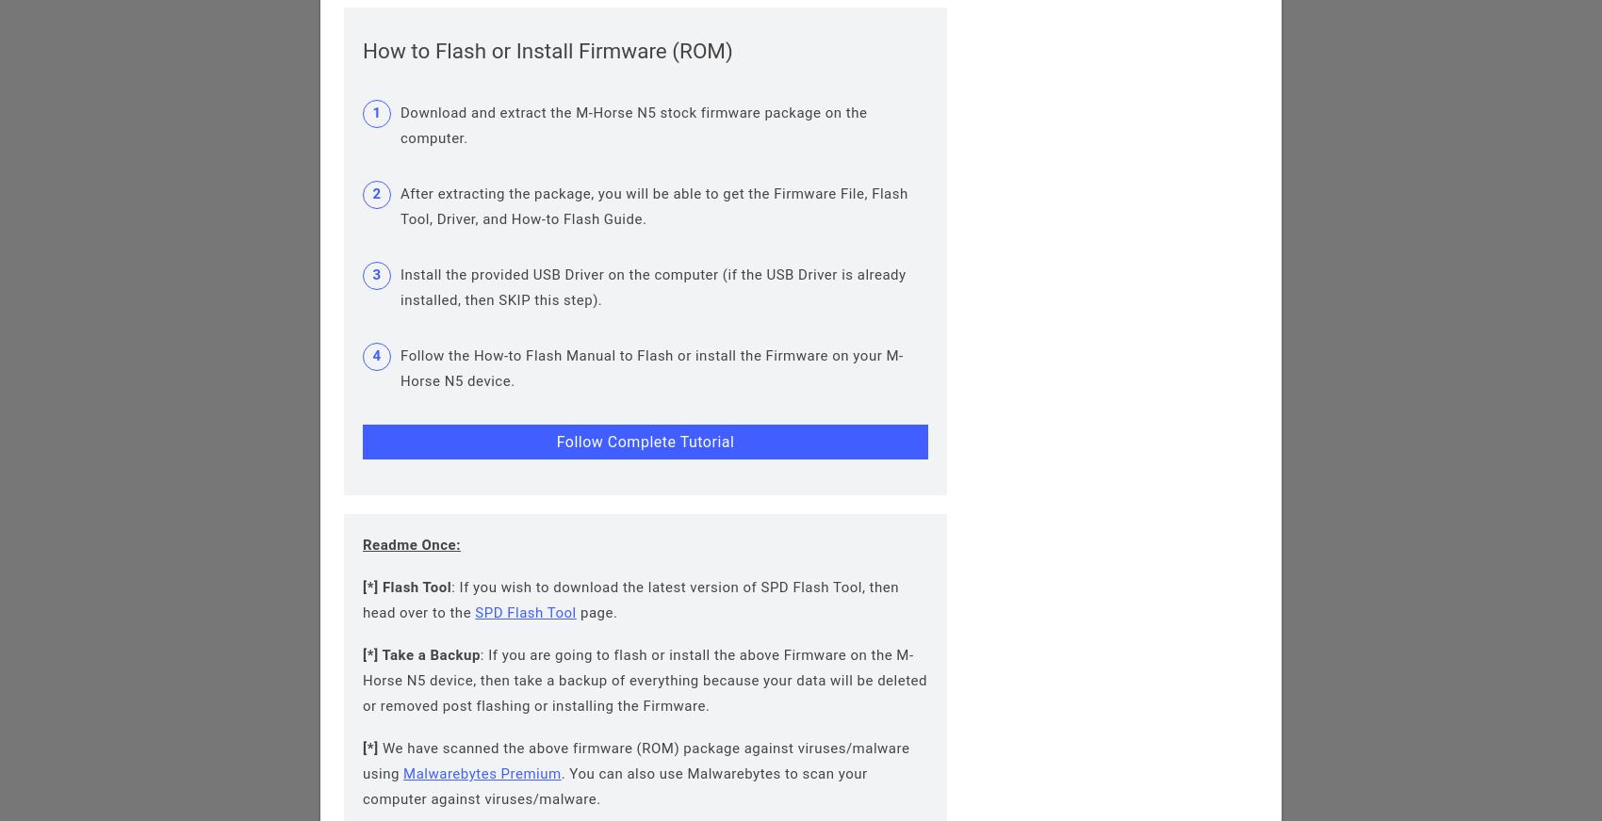 The width and height of the screenshot is (1602, 821). What do you see at coordinates (651, 368) in the screenshot?
I see `'Follow the How-to Flash Manual to Flash or install the Firmware on your M-Horse N5 device.'` at bounding box center [651, 368].